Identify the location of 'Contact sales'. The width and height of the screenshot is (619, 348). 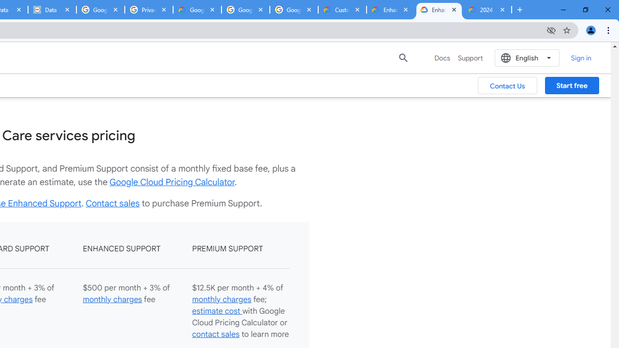
(112, 203).